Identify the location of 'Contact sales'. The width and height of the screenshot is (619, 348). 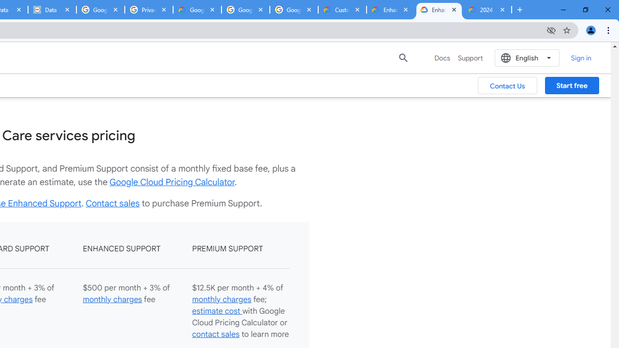
(112, 203).